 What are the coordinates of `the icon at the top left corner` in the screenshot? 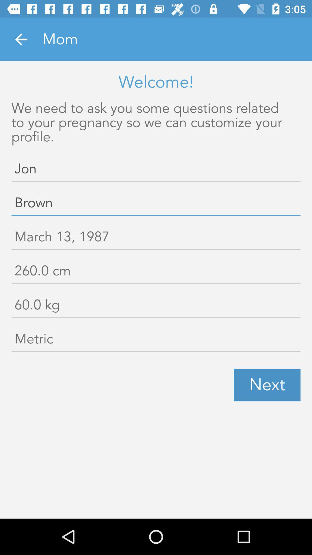 It's located at (21, 39).